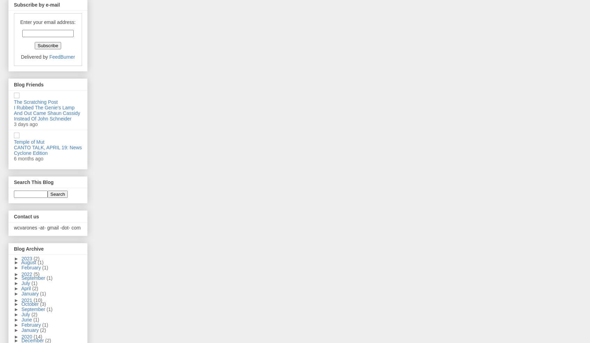 The width and height of the screenshot is (590, 343). What do you see at coordinates (14, 227) in the screenshot?
I see `'wcvarones -at- gmail -dot- com'` at bounding box center [14, 227].